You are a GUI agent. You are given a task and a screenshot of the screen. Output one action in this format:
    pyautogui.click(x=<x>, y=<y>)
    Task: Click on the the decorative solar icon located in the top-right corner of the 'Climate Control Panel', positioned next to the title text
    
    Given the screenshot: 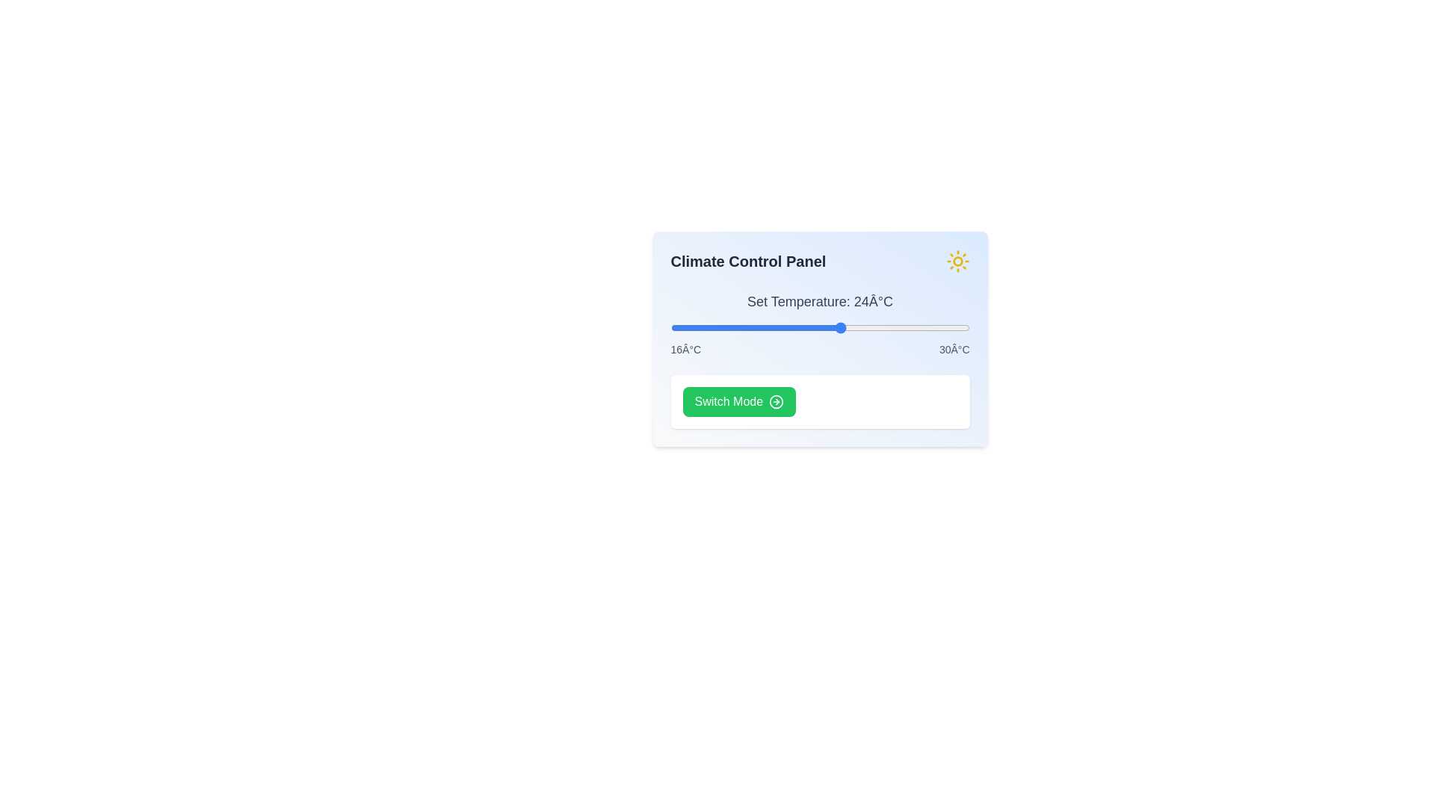 What is the action you would take?
    pyautogui.click(x=957, y=261)
    